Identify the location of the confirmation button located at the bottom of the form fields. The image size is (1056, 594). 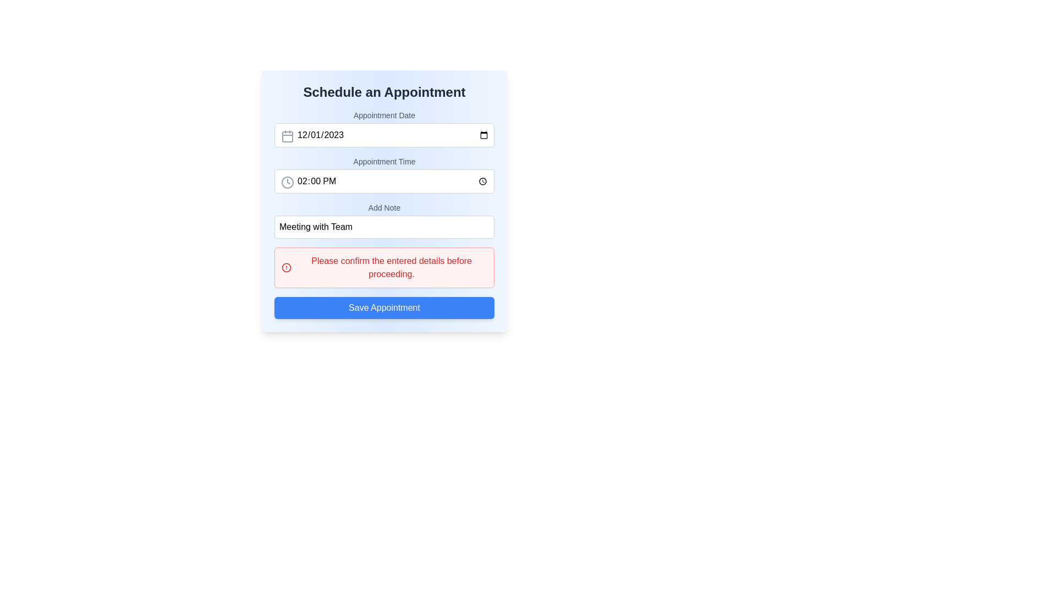
(384, 307).